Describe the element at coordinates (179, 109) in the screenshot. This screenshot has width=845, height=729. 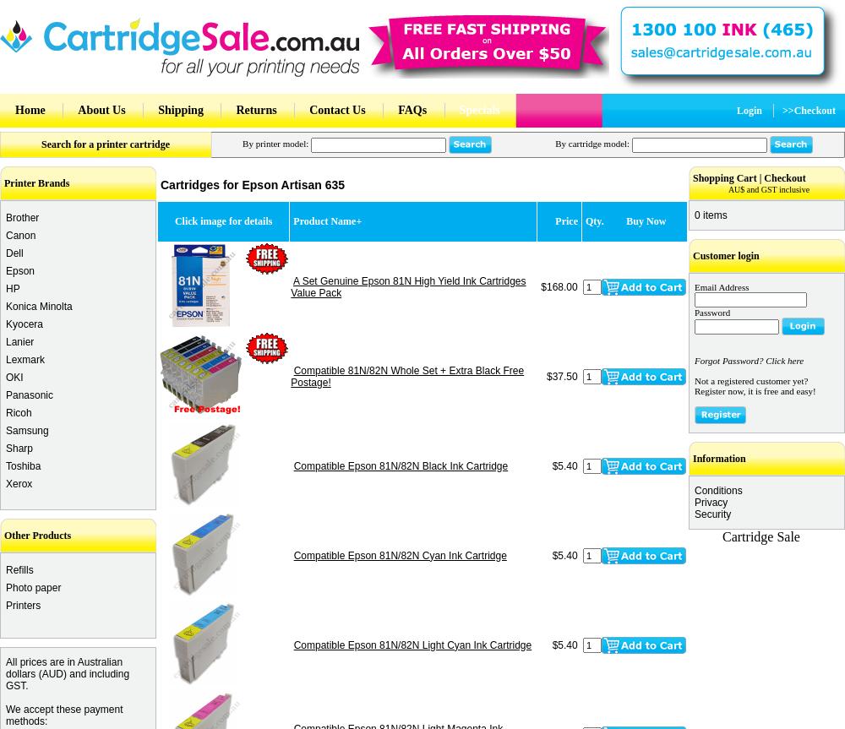
I see `'Shipping'` at that location.